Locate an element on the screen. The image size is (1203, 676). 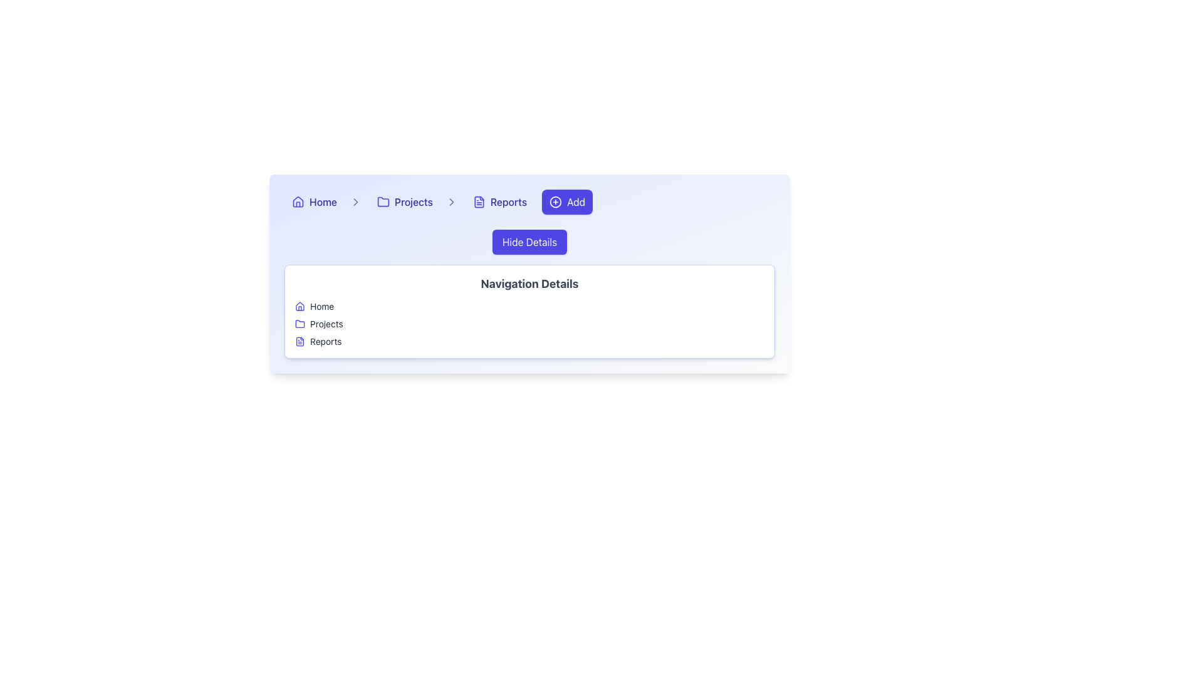
the second clickable text label with an icon in the breadcrumb navigation bar, located between 'Home' and 'Reports' is located at coordinates (405, 202).